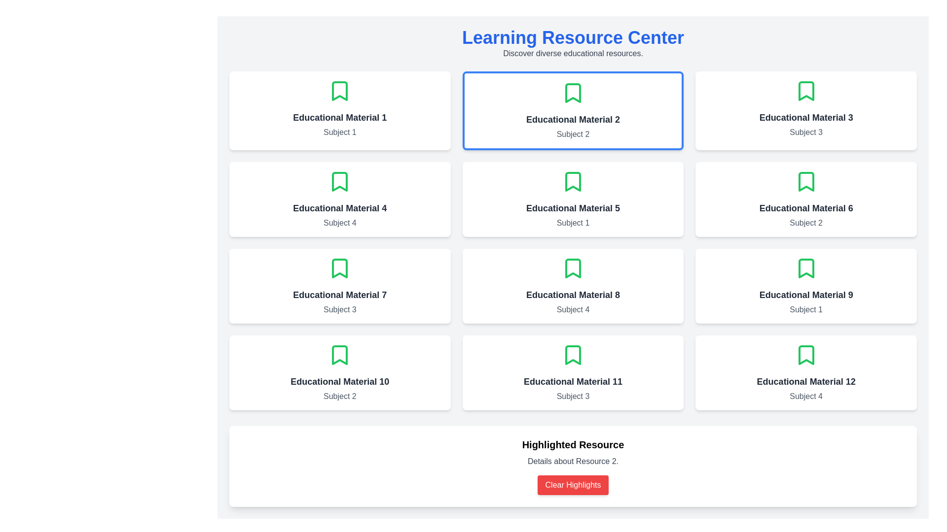 The width and height of the screenshot is (947, 532). I want to click on the bookmark icon within the green outline, located in the 'Educational Material 5' card in the second row, third column of the grid layout, so click(573, 182).